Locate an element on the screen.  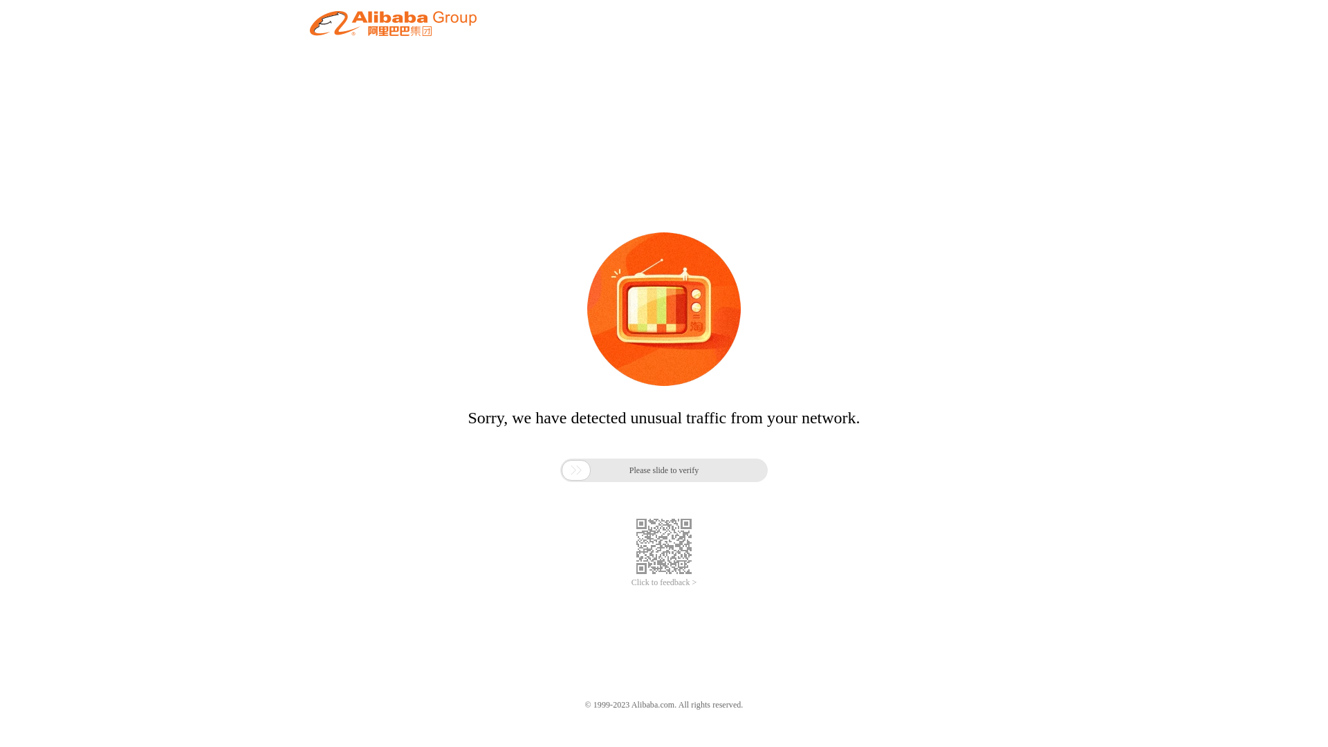
'Click to feedback >' is located at coordinates (664, 582).